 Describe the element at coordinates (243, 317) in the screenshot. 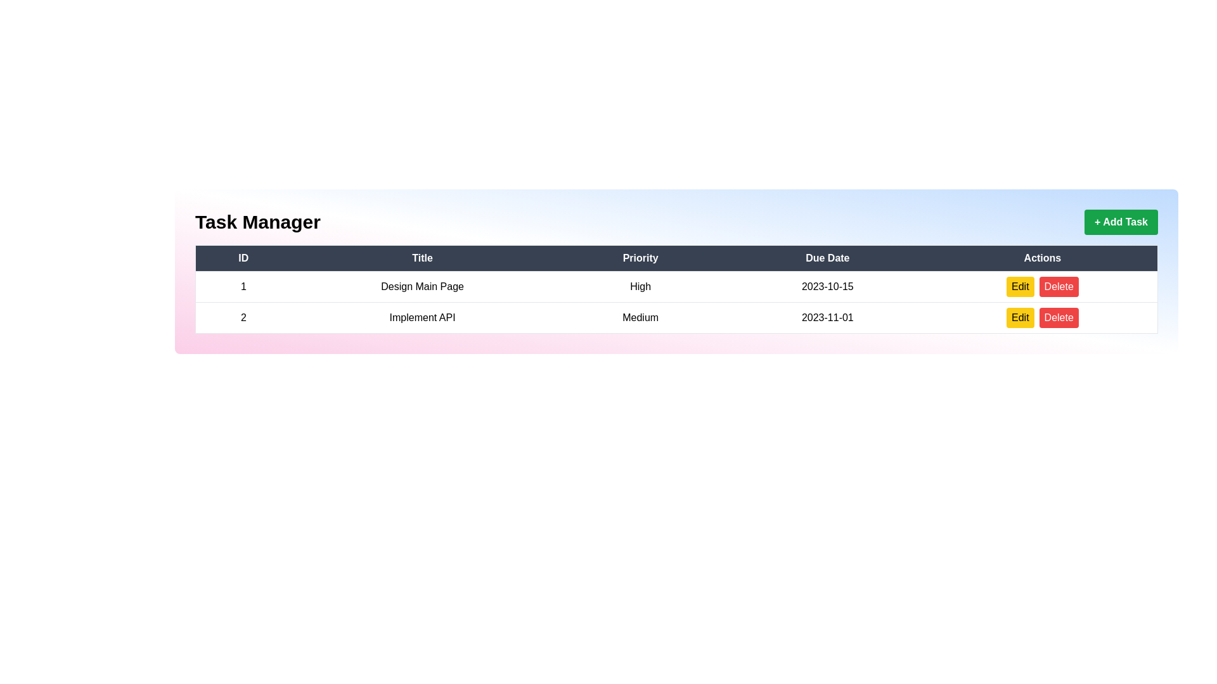

I see `the static text element displaying the number '2', which is located in the second table row under the ID column` at that location.